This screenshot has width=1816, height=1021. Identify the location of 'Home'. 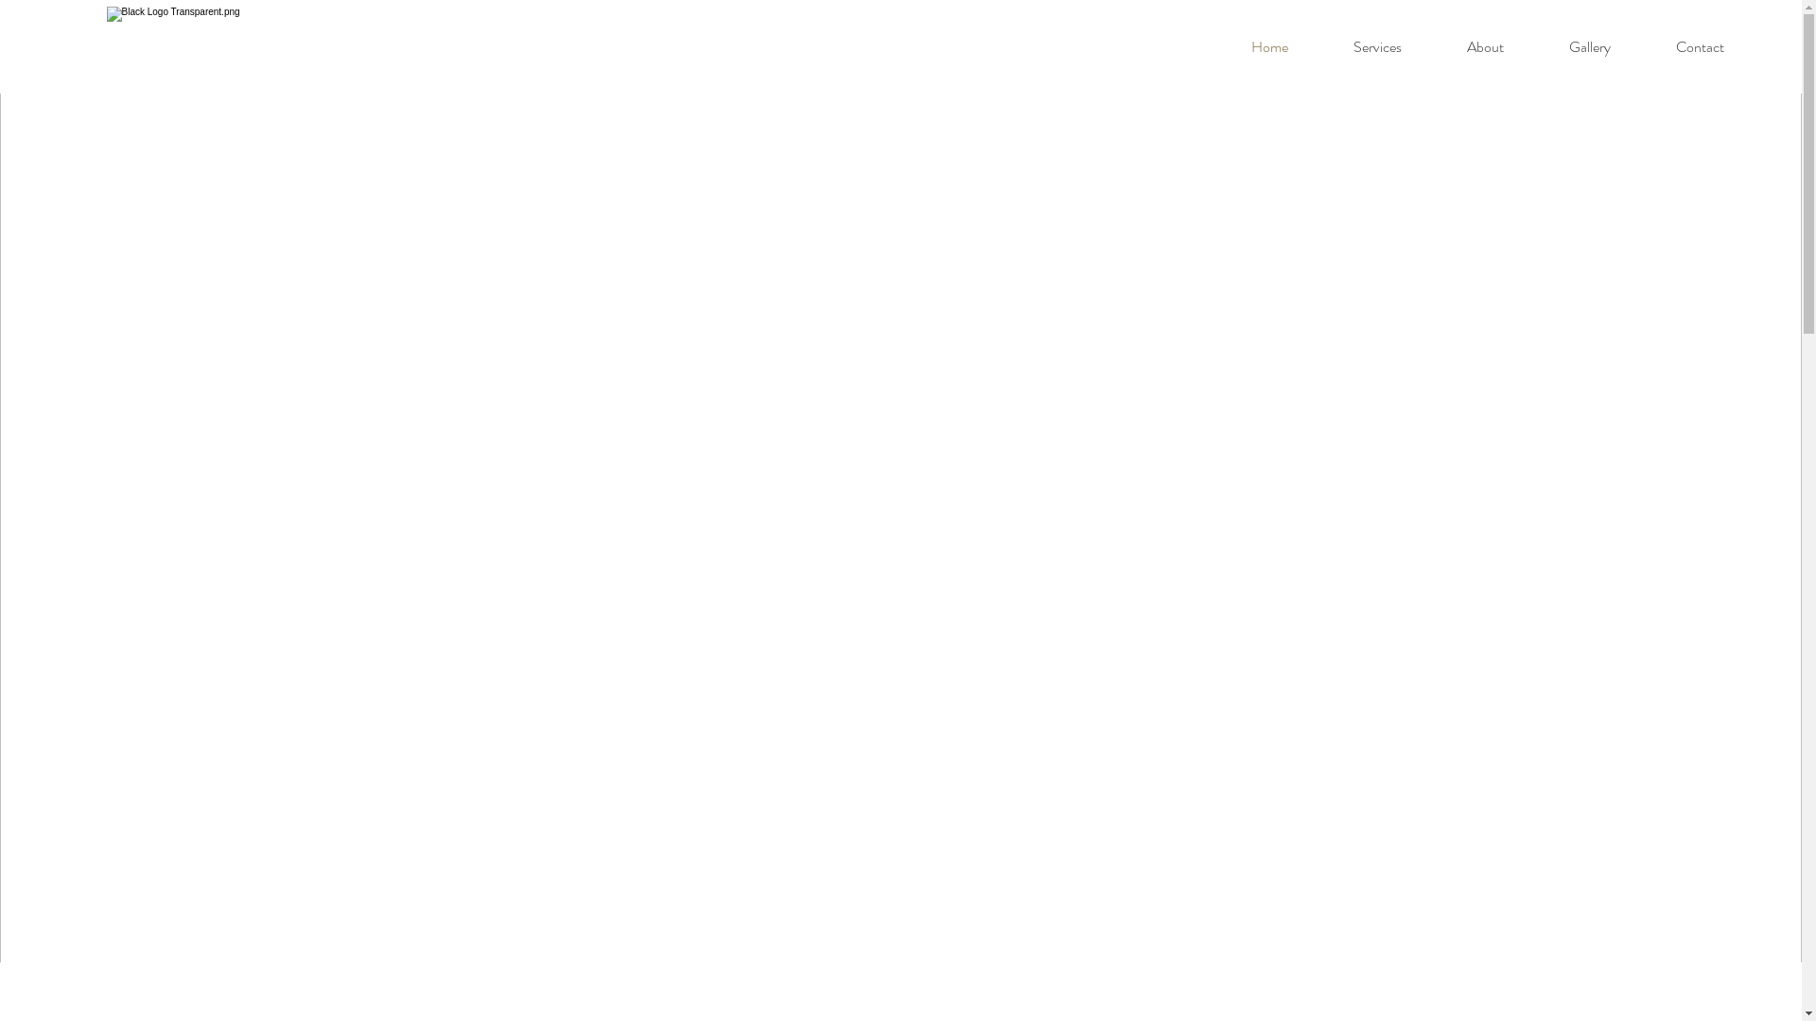
(1269, 46).